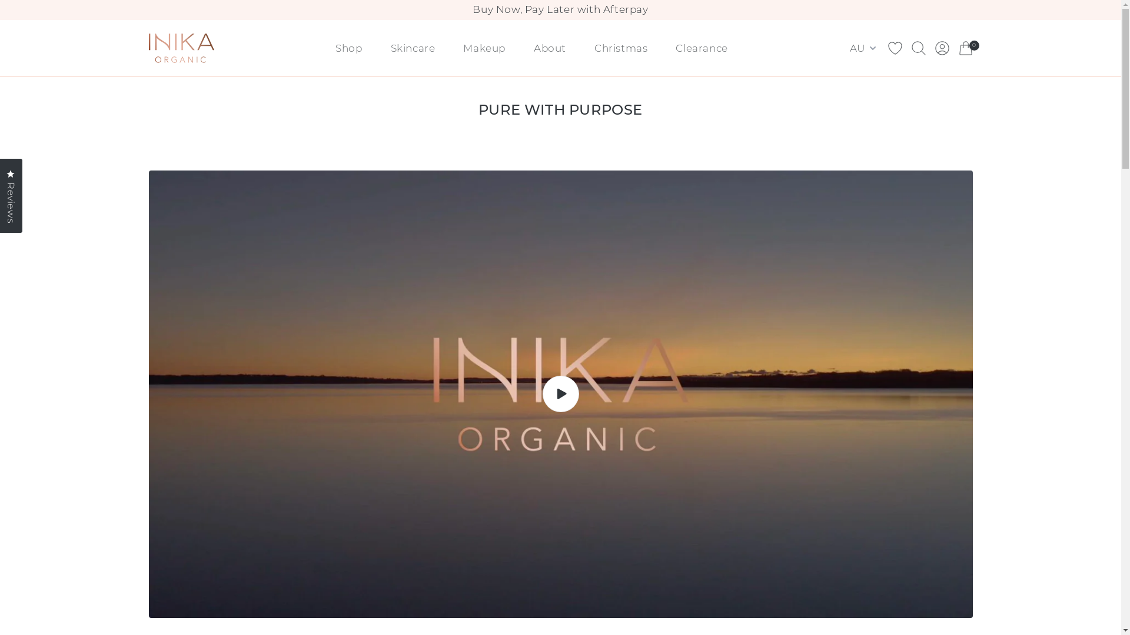 The width and height of the screenshot is (1130, 635). What do you see at coordinates (620, 47) in the screenshot?
I see `'Christmas'` at bounding box center [620, 47].